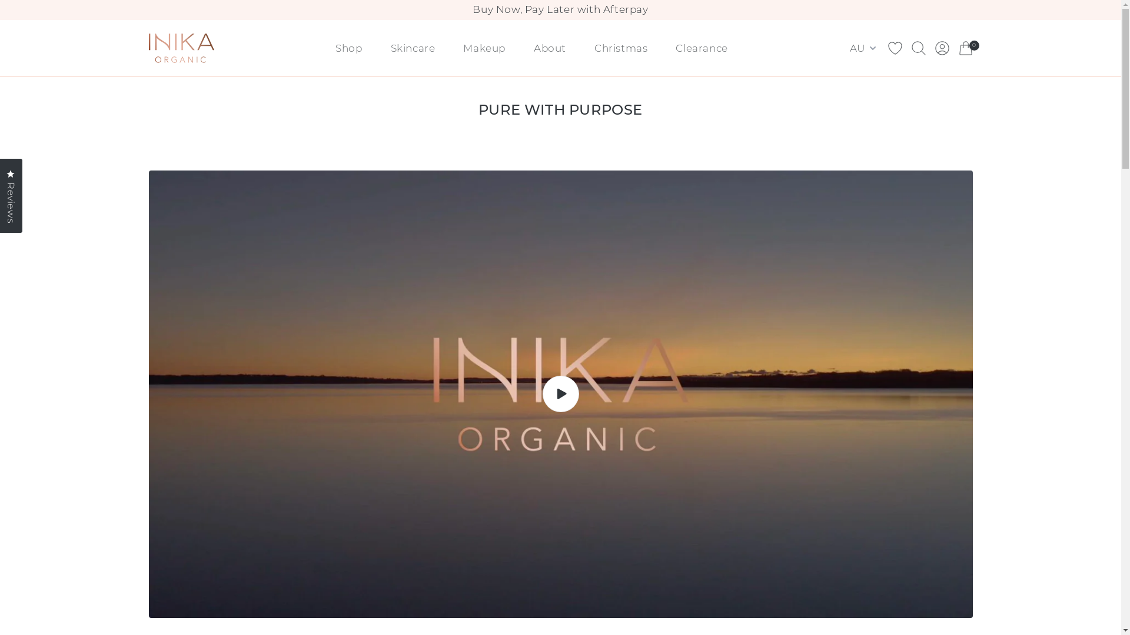 The width and height of the screenshot is (1130, 635). What do you see at coordinates (620, 47) in the screenshot?
I see `'Christmas'` at bounding box center [620, 47].